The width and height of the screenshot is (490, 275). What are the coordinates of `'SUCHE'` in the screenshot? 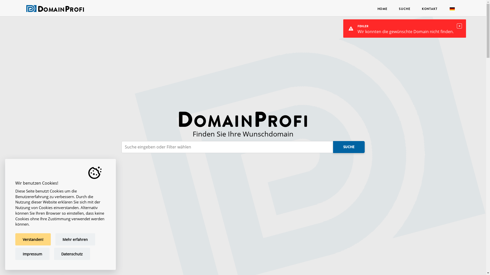 It's located at (349, 147).